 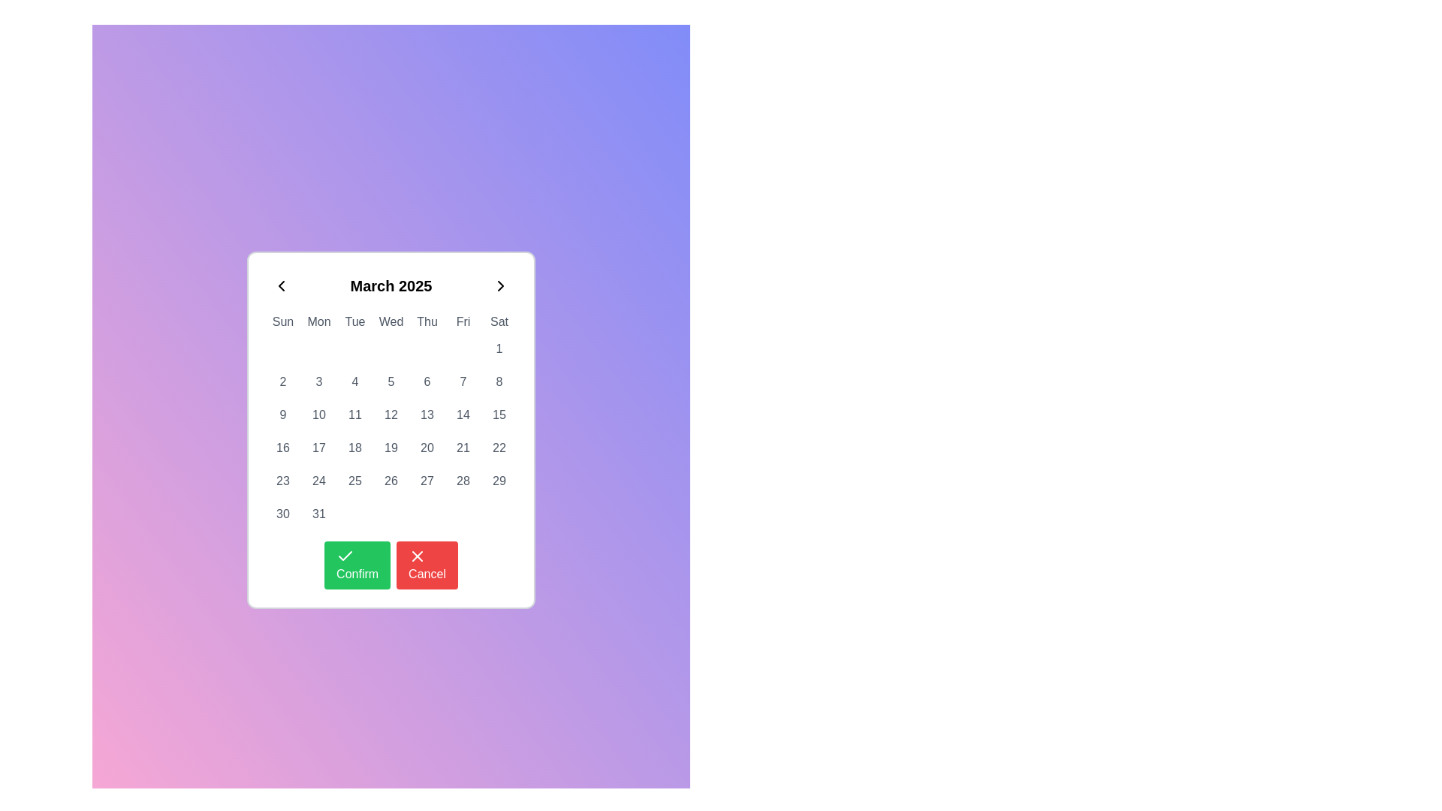 What do you see at coordinates (281, 286) in the screenshot?
I see `the button that navigates to the previous month on the calendar, located to the left of the title 'March 2025' in the header section` at bounding box center [281, 286].